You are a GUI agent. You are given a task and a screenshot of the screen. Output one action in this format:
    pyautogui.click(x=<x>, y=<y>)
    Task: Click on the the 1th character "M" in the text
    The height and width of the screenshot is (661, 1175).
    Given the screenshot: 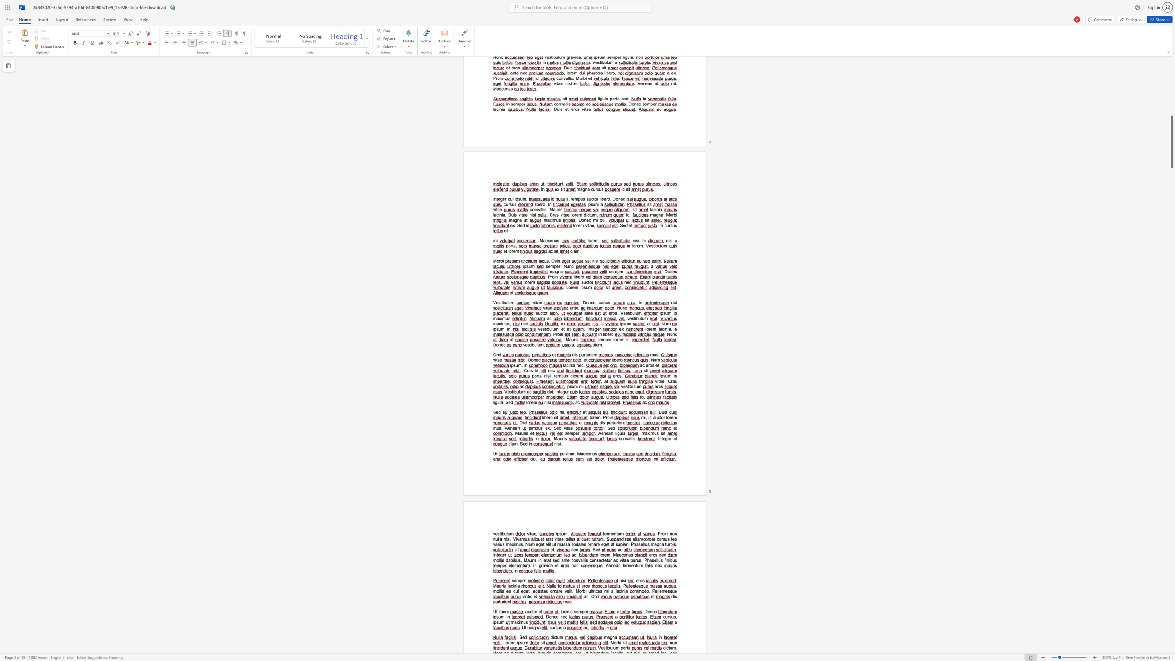 What is the action you would take?
    pyautogui.click(x=516, y=433)
    